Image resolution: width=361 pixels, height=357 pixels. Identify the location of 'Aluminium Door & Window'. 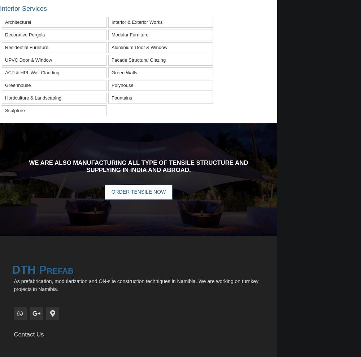
(139, 47).